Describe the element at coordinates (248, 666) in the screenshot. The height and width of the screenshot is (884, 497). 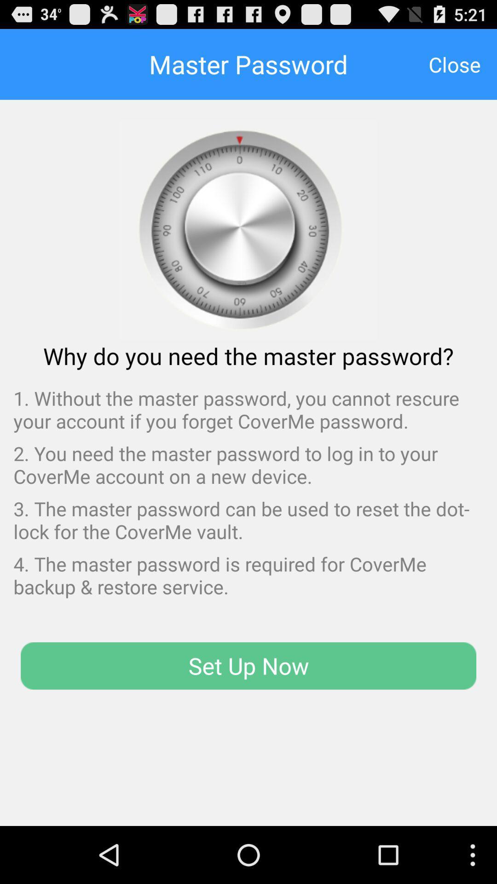
I see `the item at the bottom` at that location.